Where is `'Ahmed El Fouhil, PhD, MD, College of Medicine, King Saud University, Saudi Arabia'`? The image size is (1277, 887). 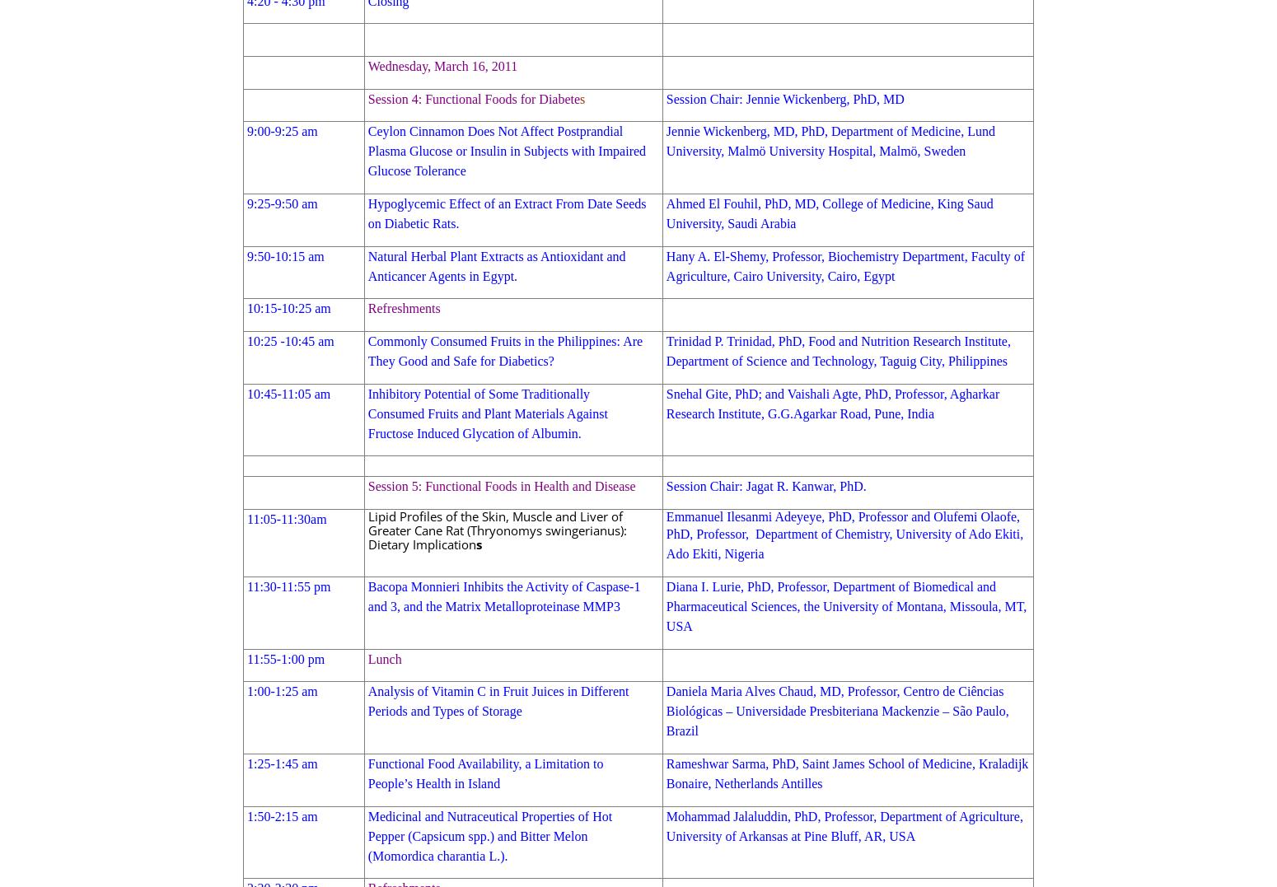 'Ahmed El Fouhil, PhD, MD, College of Medicine, King Saud University, Saudi Arabia' is located at coordinates (828, 212).